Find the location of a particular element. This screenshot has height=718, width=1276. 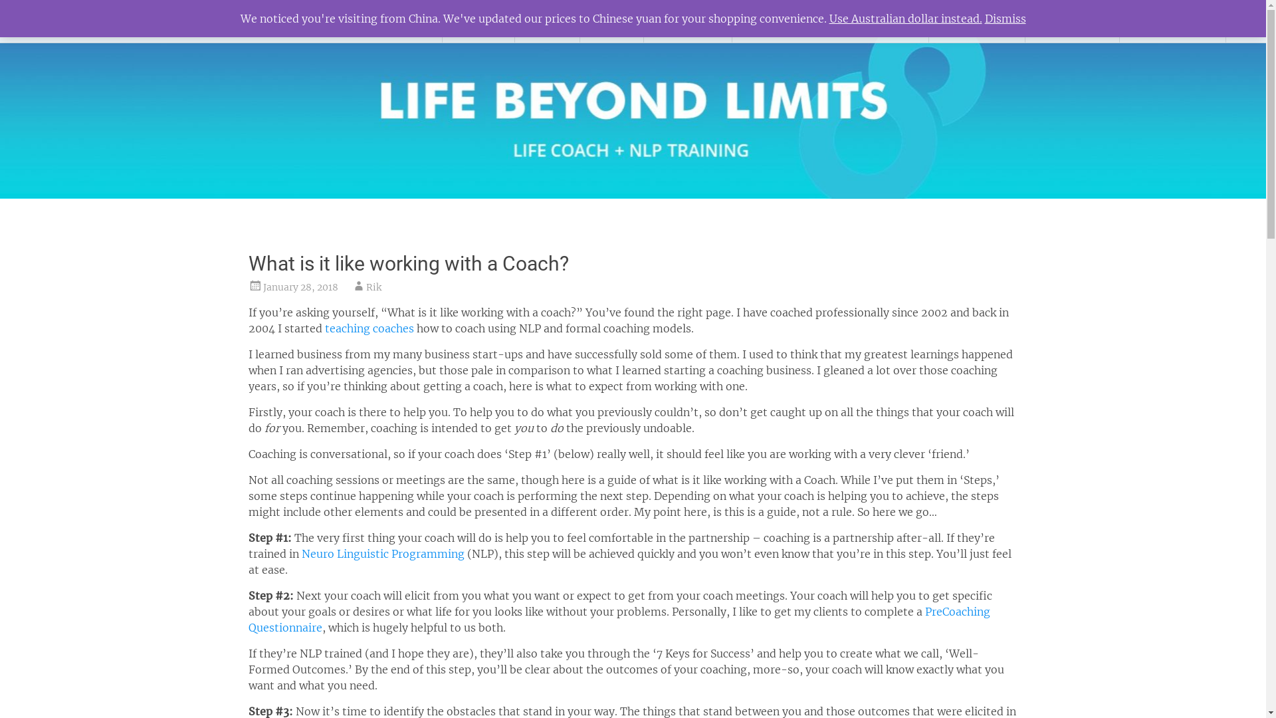

'January 28, 2018' is located at coordinates (300, 287).